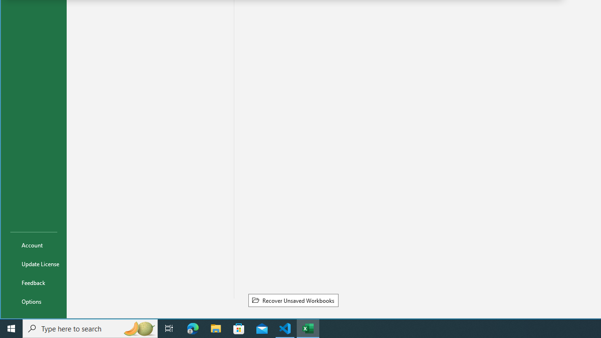  What do you see at coordinates (308, 328) in the screenshot?
I see `'Excel - 1 running window'` at bounding box center [308, 328].